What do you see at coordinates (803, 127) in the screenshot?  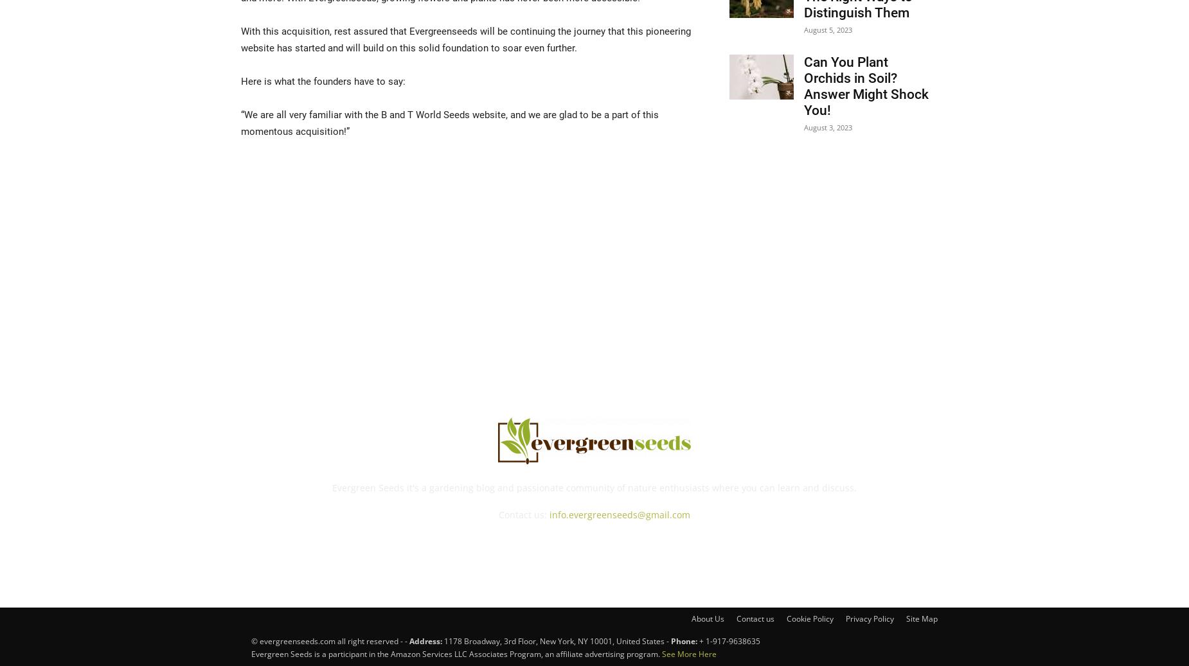 I see `'August 3, 2023'` at bounding box center [803, 127].